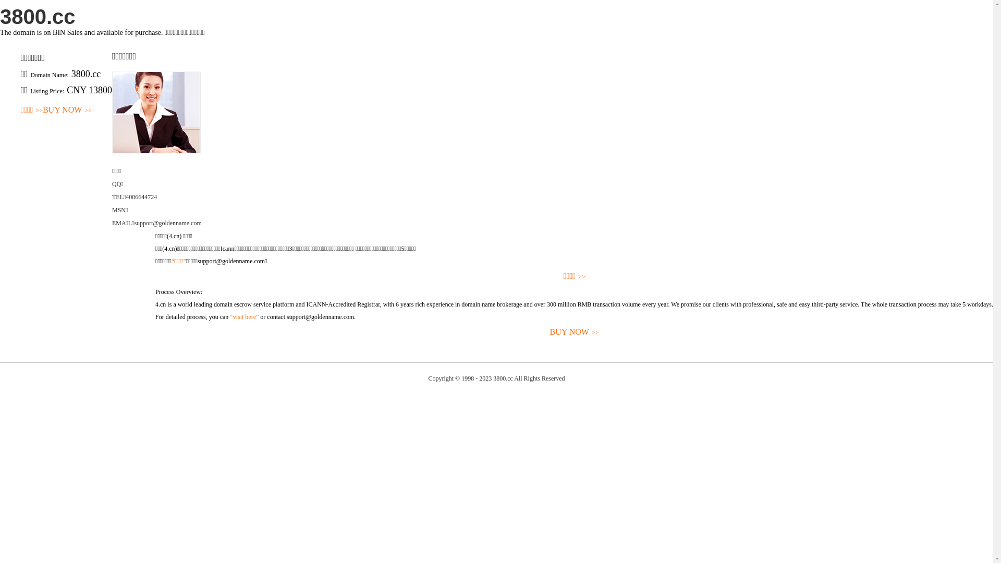  I want to click on 'BUY NOW>>', so click(67, 110).